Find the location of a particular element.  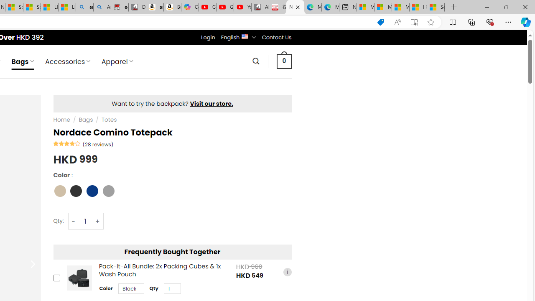

'Amazon Echo Dot PNG - Search Images' is located at coordinates (102, 7).